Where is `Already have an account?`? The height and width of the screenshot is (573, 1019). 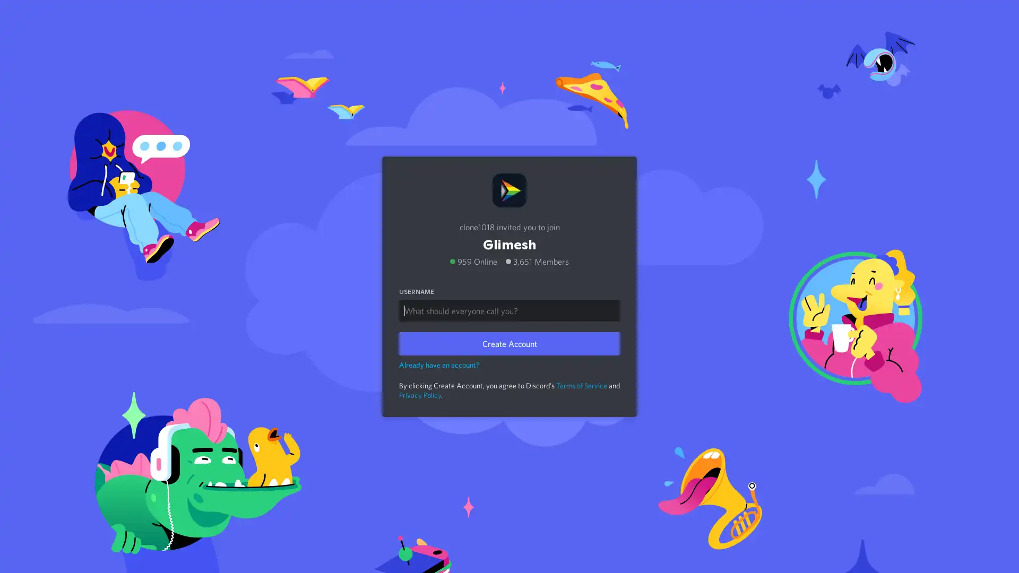
Already have an account? is located at coordinates (439, 363).